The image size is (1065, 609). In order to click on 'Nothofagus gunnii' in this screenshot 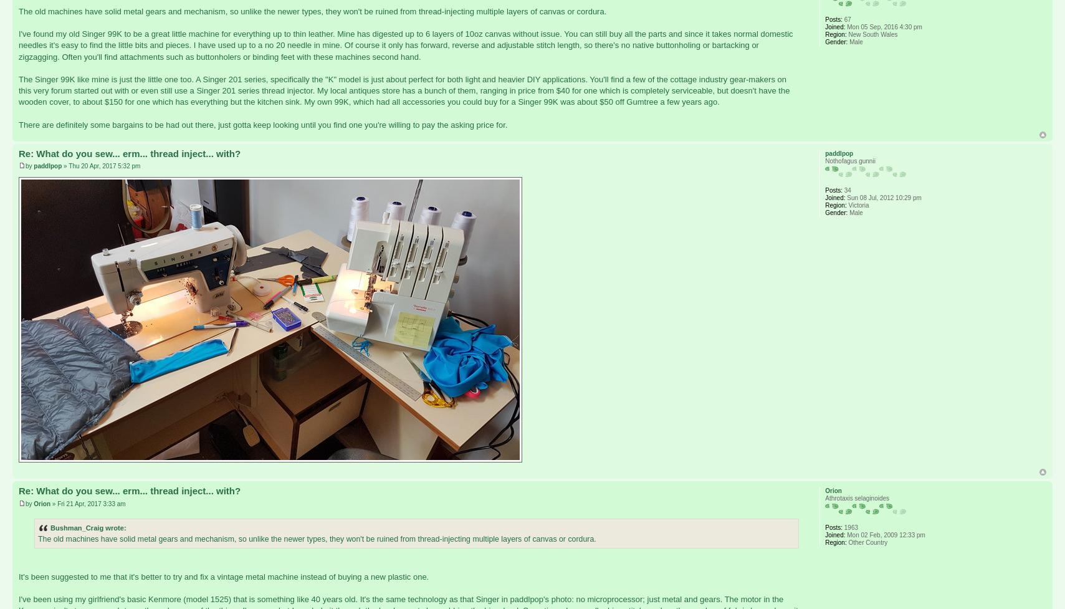, I will do `click(824, 160)`.